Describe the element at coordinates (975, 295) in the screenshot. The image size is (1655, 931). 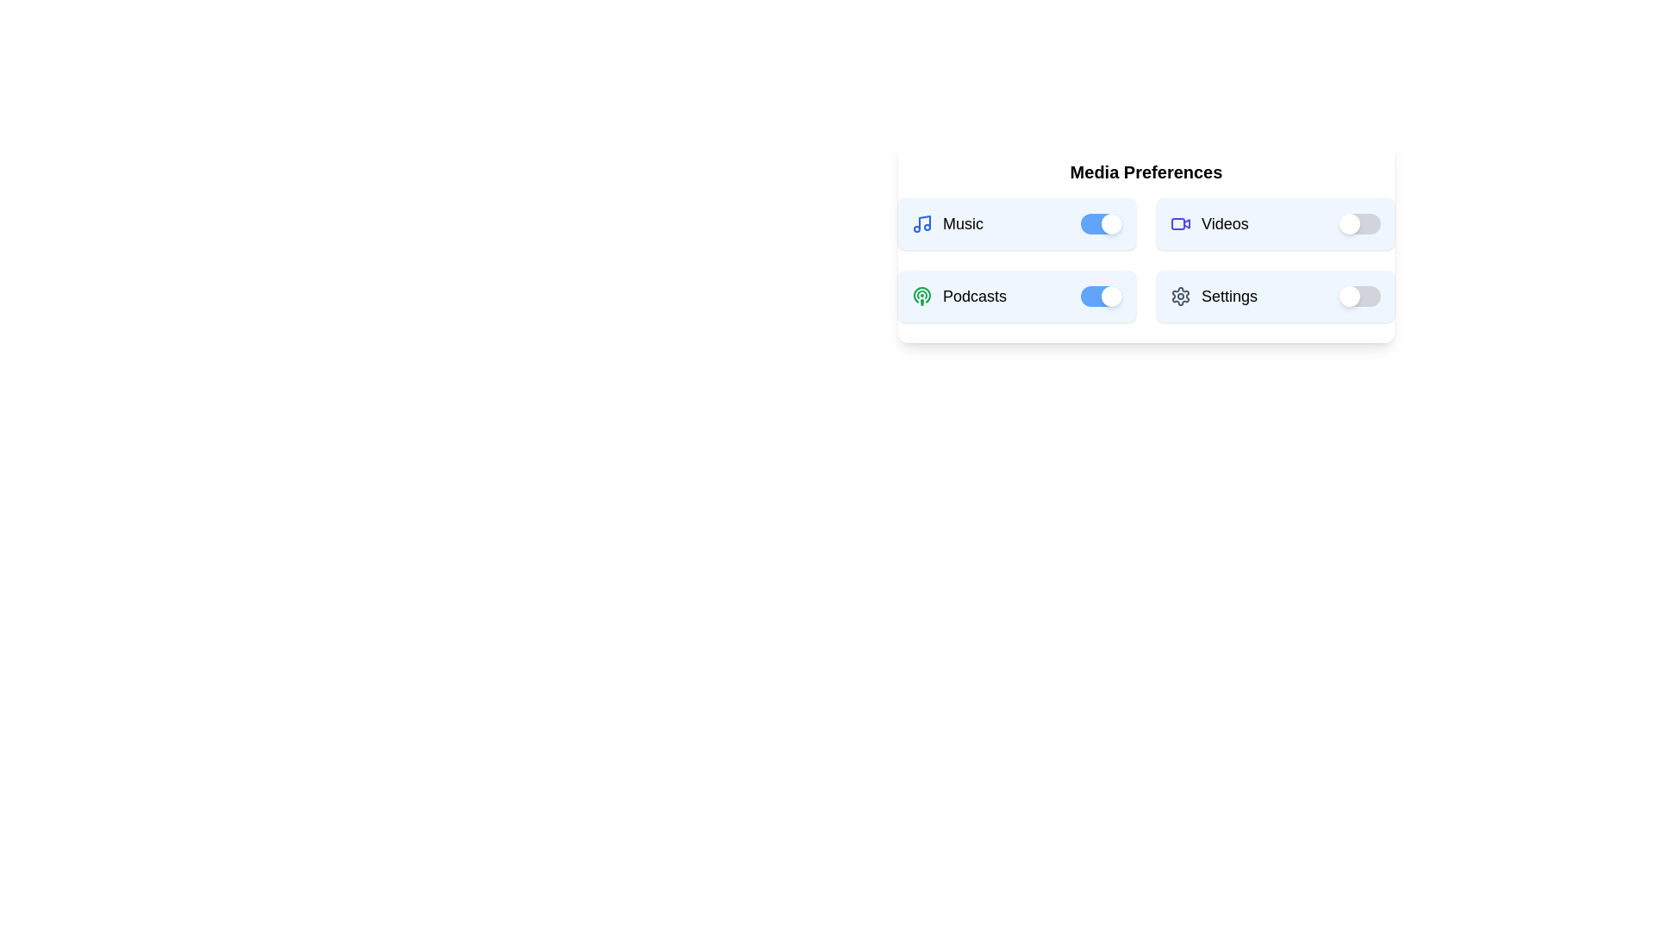
I see `the center of the 'Podcasts' text` at that location.